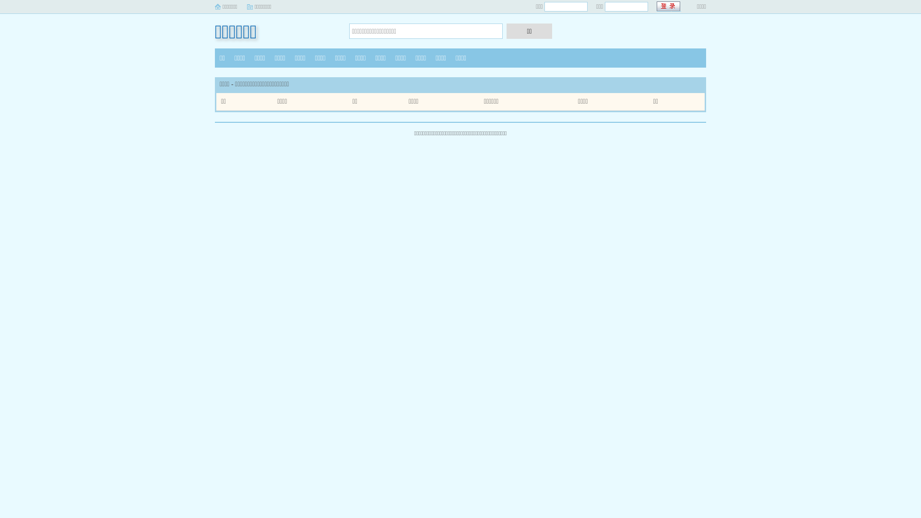 The height and width of the screenshot is (518, 921). I want to click on ' ', so click(668, 6).